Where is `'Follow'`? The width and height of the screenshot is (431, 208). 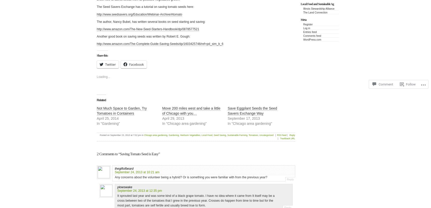 'Follow' is located at coordinates (410, 84).